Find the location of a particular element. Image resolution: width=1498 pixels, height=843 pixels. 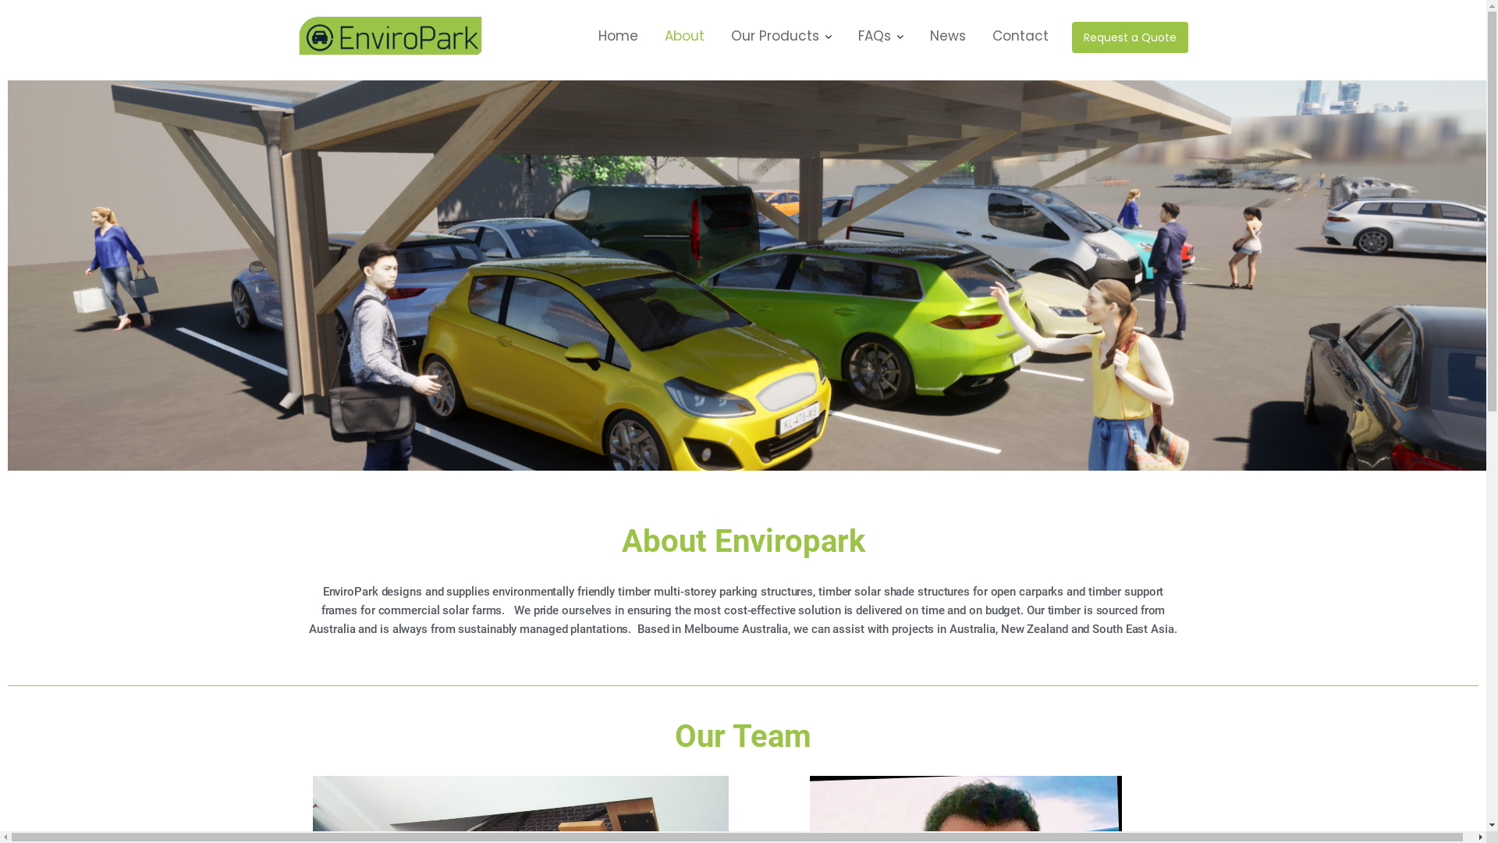

'About' is located at coordinates (651, 35).